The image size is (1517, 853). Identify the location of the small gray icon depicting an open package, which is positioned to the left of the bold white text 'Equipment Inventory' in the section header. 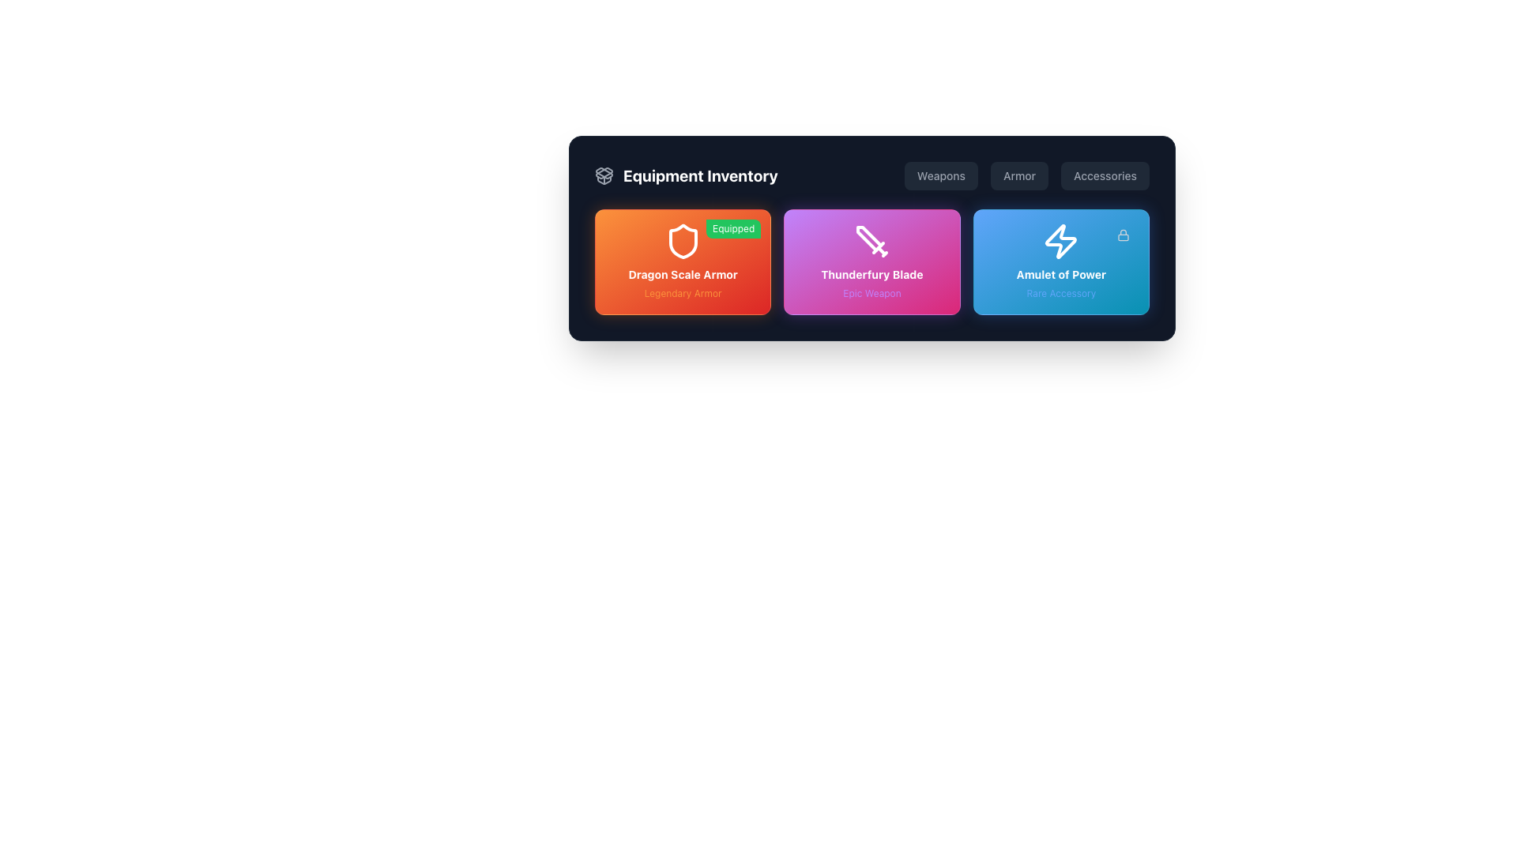
(603, 176).